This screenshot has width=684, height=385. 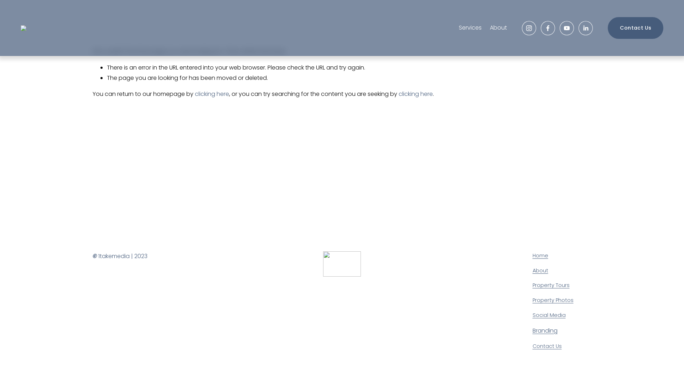 I want to click on 'Property Tours', so click(x=532, y=285).